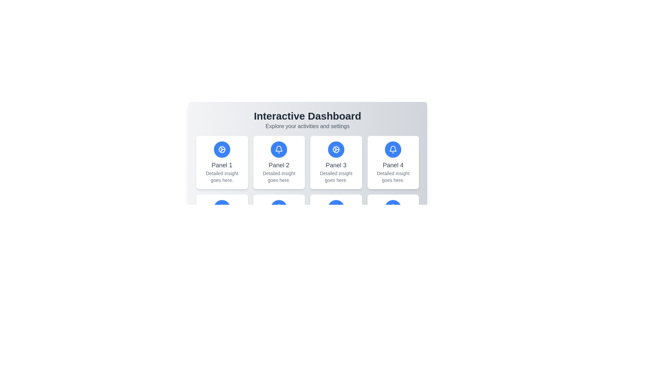 The height and width of the screenshot is (368, 654). What do you see at coordinates (222, 149) in the screenshot?
I see `the circular blue button with a white gear icon located at the top-center of 'Panel 1'` at bounding box center [222, 149].